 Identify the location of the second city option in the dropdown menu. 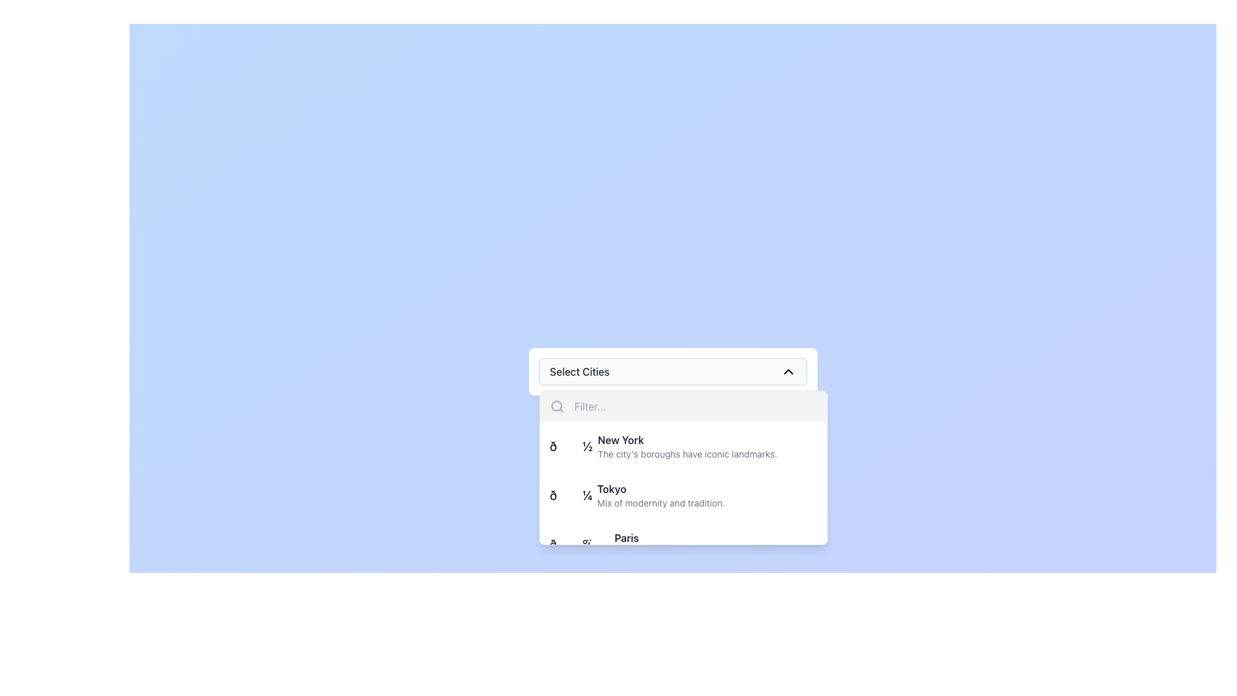
(637, 494).